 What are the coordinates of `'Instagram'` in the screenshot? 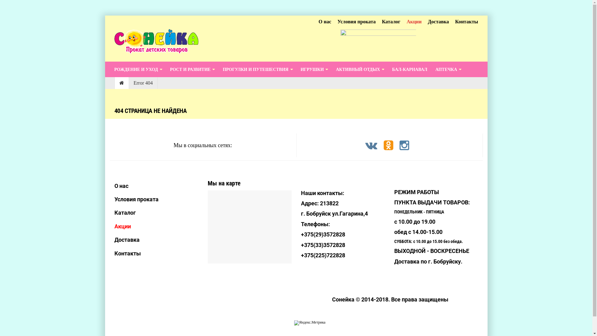 It's located at (399, 145).